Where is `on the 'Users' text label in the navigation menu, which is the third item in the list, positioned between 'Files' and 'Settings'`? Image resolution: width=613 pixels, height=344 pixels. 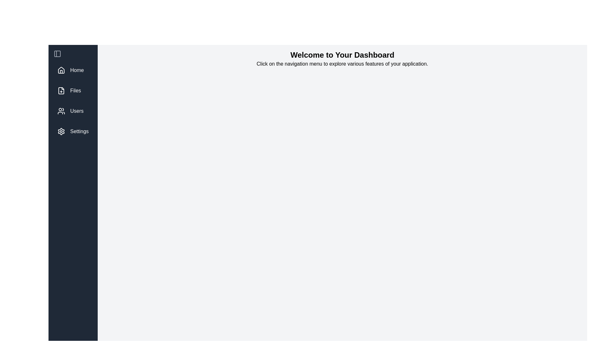 on the 'Users' text label in the navigation menu, which is the third item in the list, positioned between 'Files' and 'Settings' is located at coordinates (77, 111).